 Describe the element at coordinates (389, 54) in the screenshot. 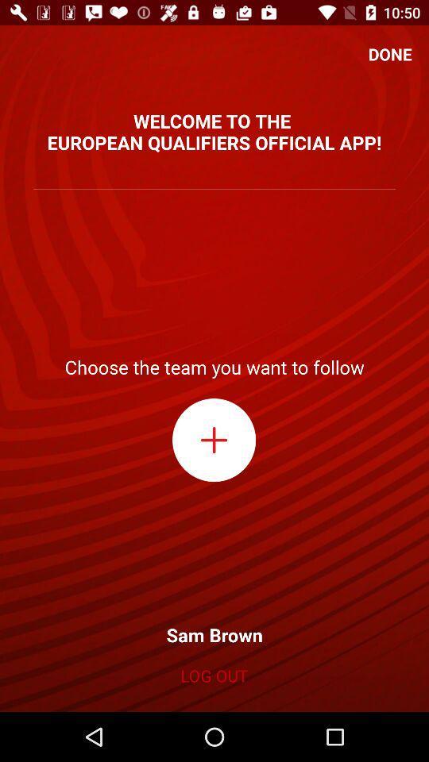

I see `the icon above the welcome to the item` at that location.